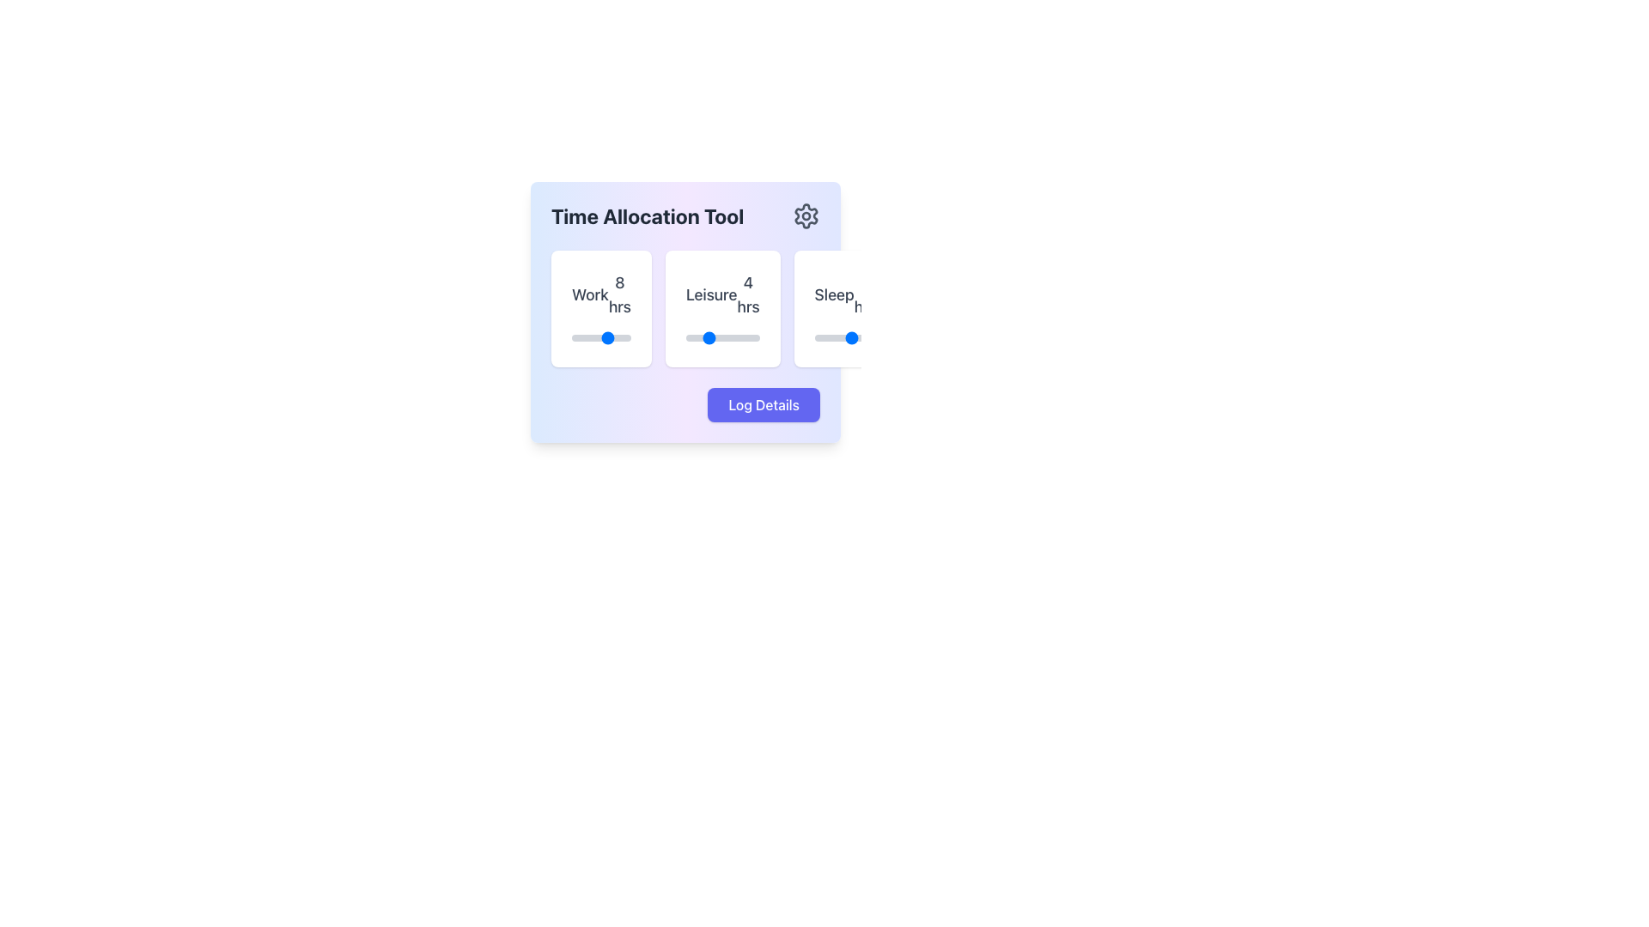 This screenshot has width=1649, height=927. What do you see at coordinates (615, 337) in the screenshot?
I see `work hours` at bounding box center [615, 337].